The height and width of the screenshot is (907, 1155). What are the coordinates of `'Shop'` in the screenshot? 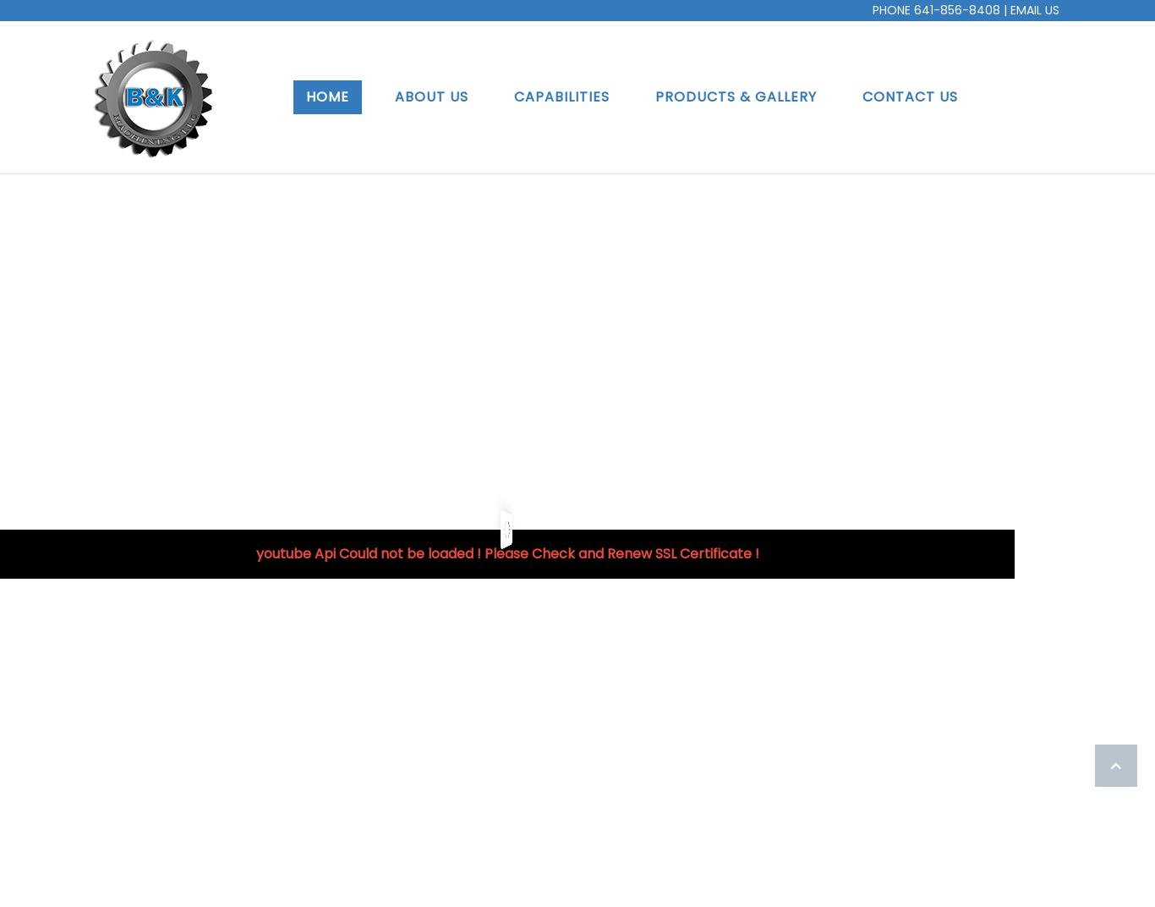 It's located at (684, 240).